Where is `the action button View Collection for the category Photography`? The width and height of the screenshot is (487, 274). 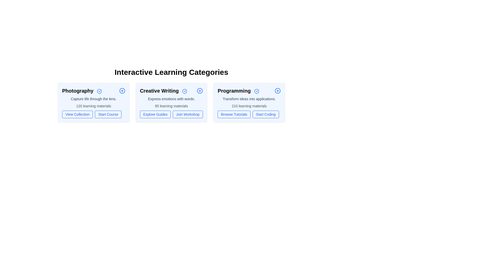
the action button View Collection for the category Photography is located at coordinates (77, 114).